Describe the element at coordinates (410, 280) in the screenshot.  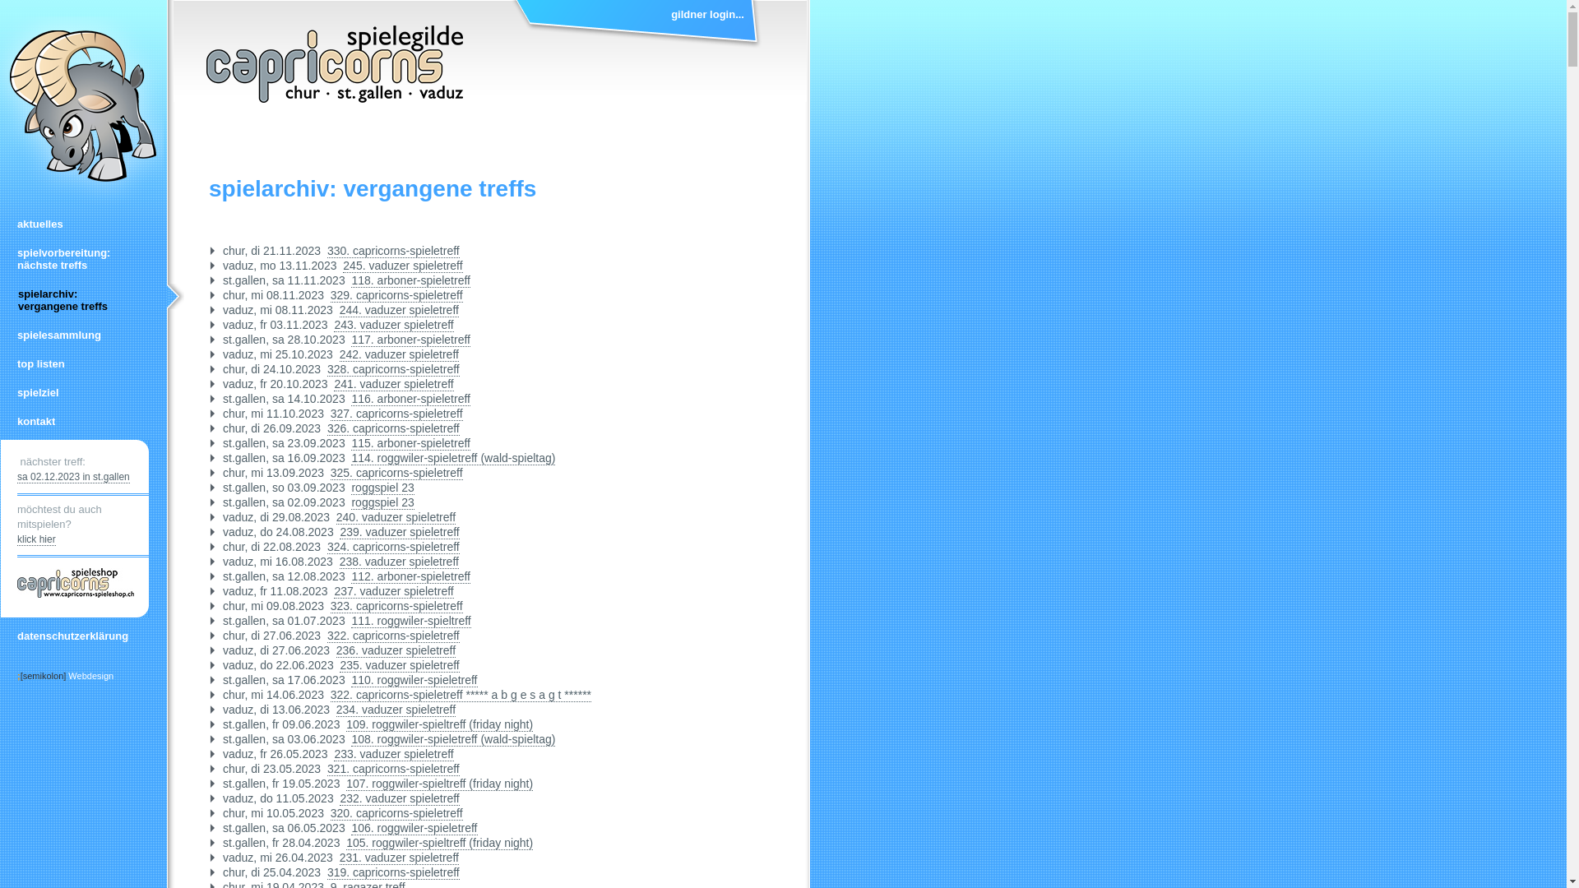
I see `'118. arboner-spieletreff'` at that location.